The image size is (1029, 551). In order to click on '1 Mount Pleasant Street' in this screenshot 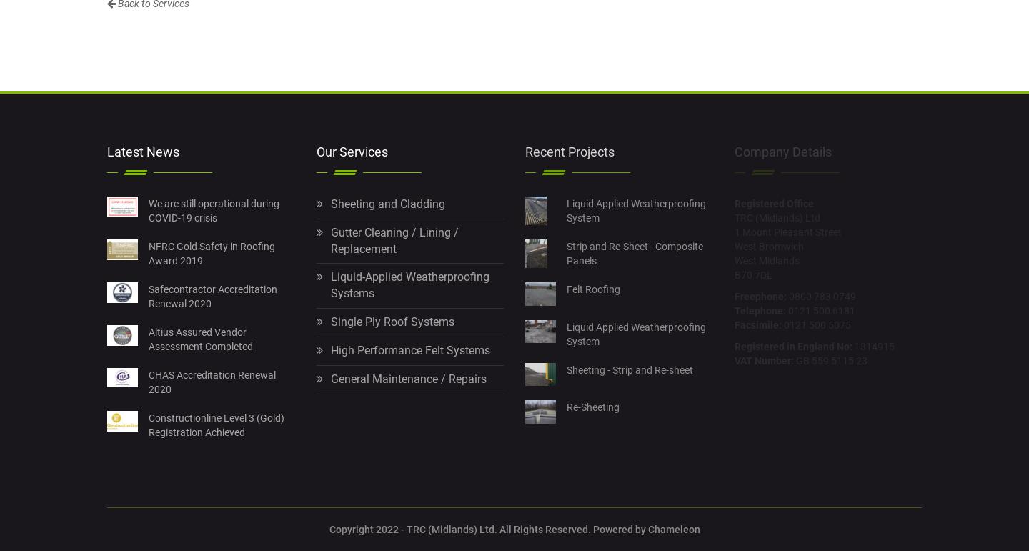, I will do `click(734, 231)`.